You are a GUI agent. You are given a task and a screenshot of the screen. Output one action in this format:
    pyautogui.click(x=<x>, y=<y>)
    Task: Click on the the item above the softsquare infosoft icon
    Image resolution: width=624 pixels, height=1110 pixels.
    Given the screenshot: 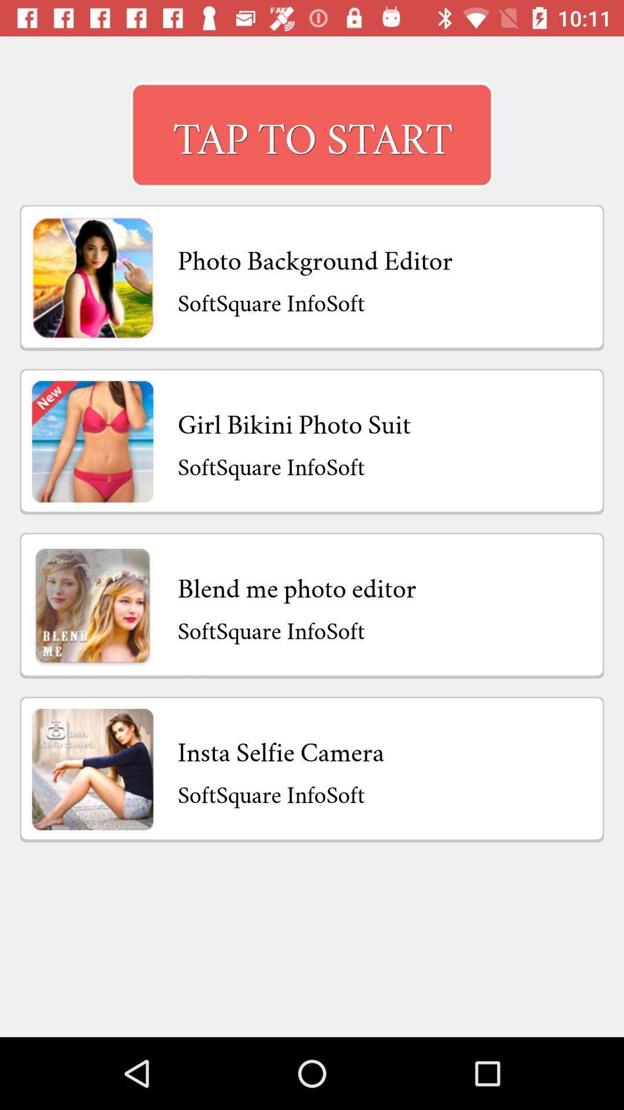 What is the action you would take?
    pyautogui.click(x=281, y=749)
    